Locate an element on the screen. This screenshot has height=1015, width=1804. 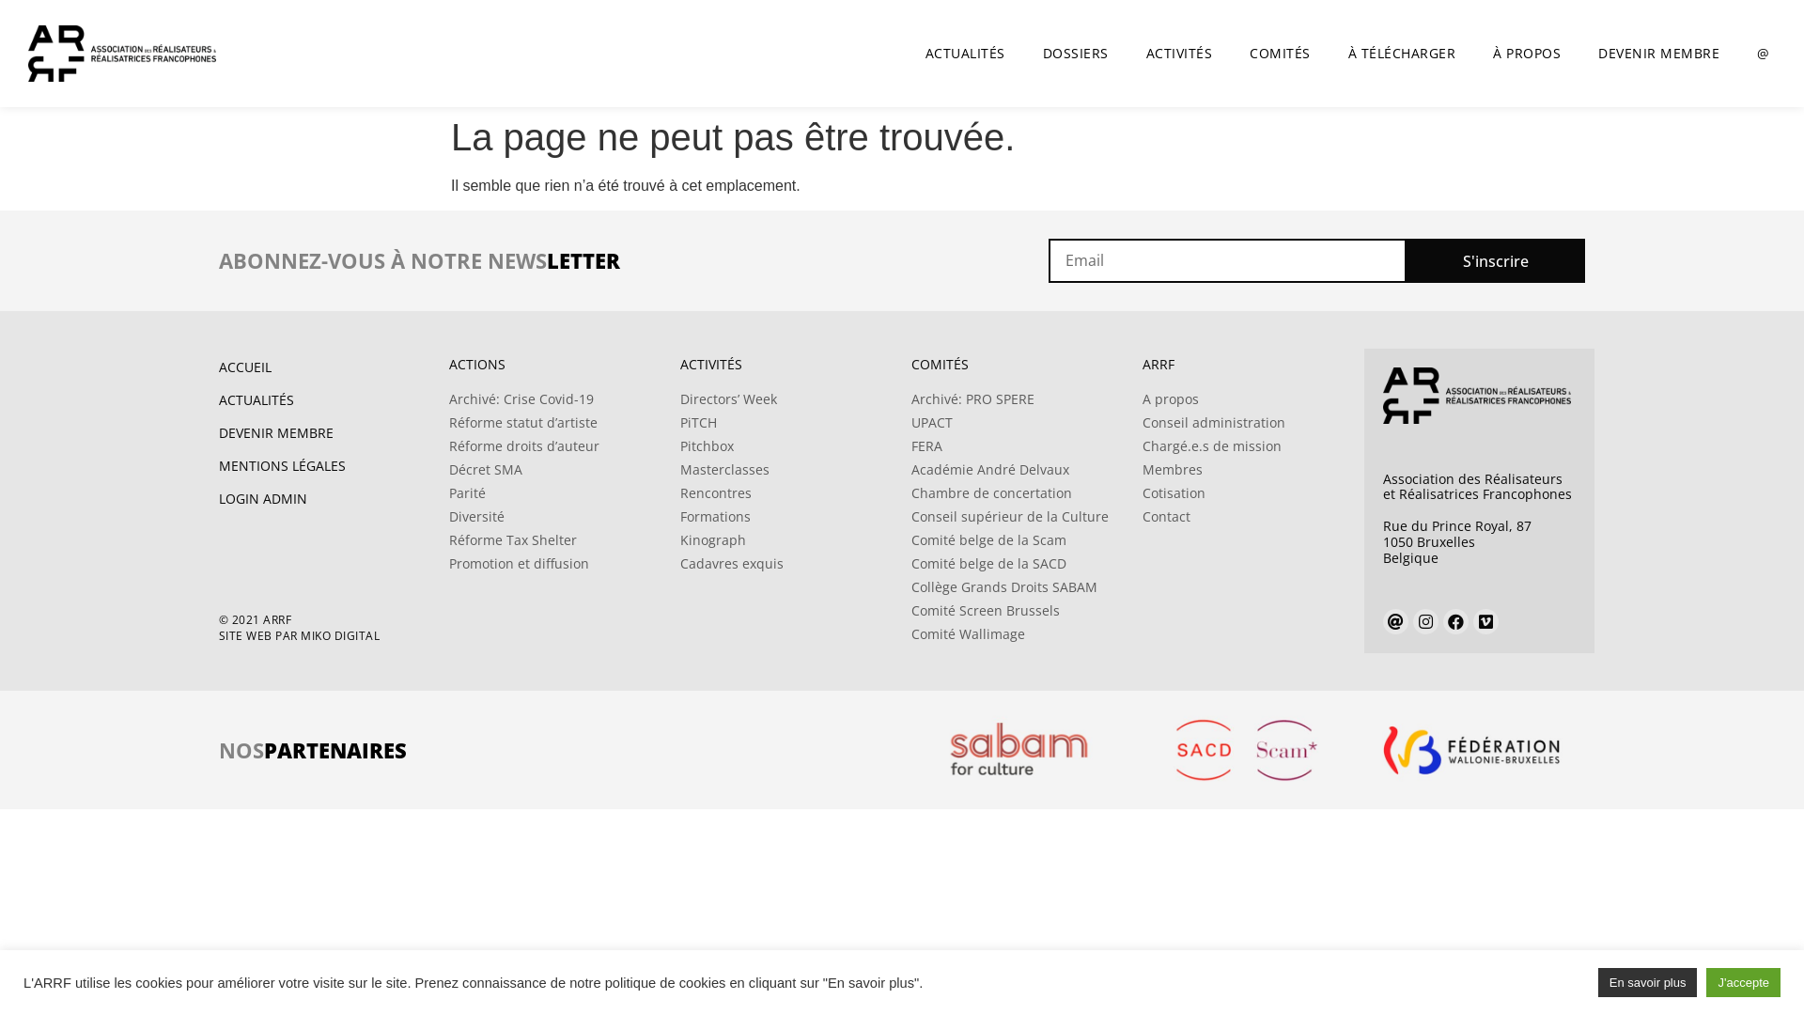
'Chambre de concertation' is located at coordinates (1017, 492).